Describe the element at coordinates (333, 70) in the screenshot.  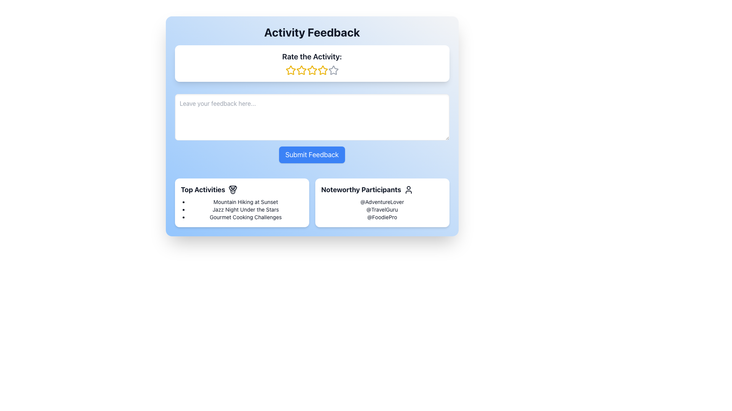
I see `the last gray star-shaped icon in the rating control` at that location.